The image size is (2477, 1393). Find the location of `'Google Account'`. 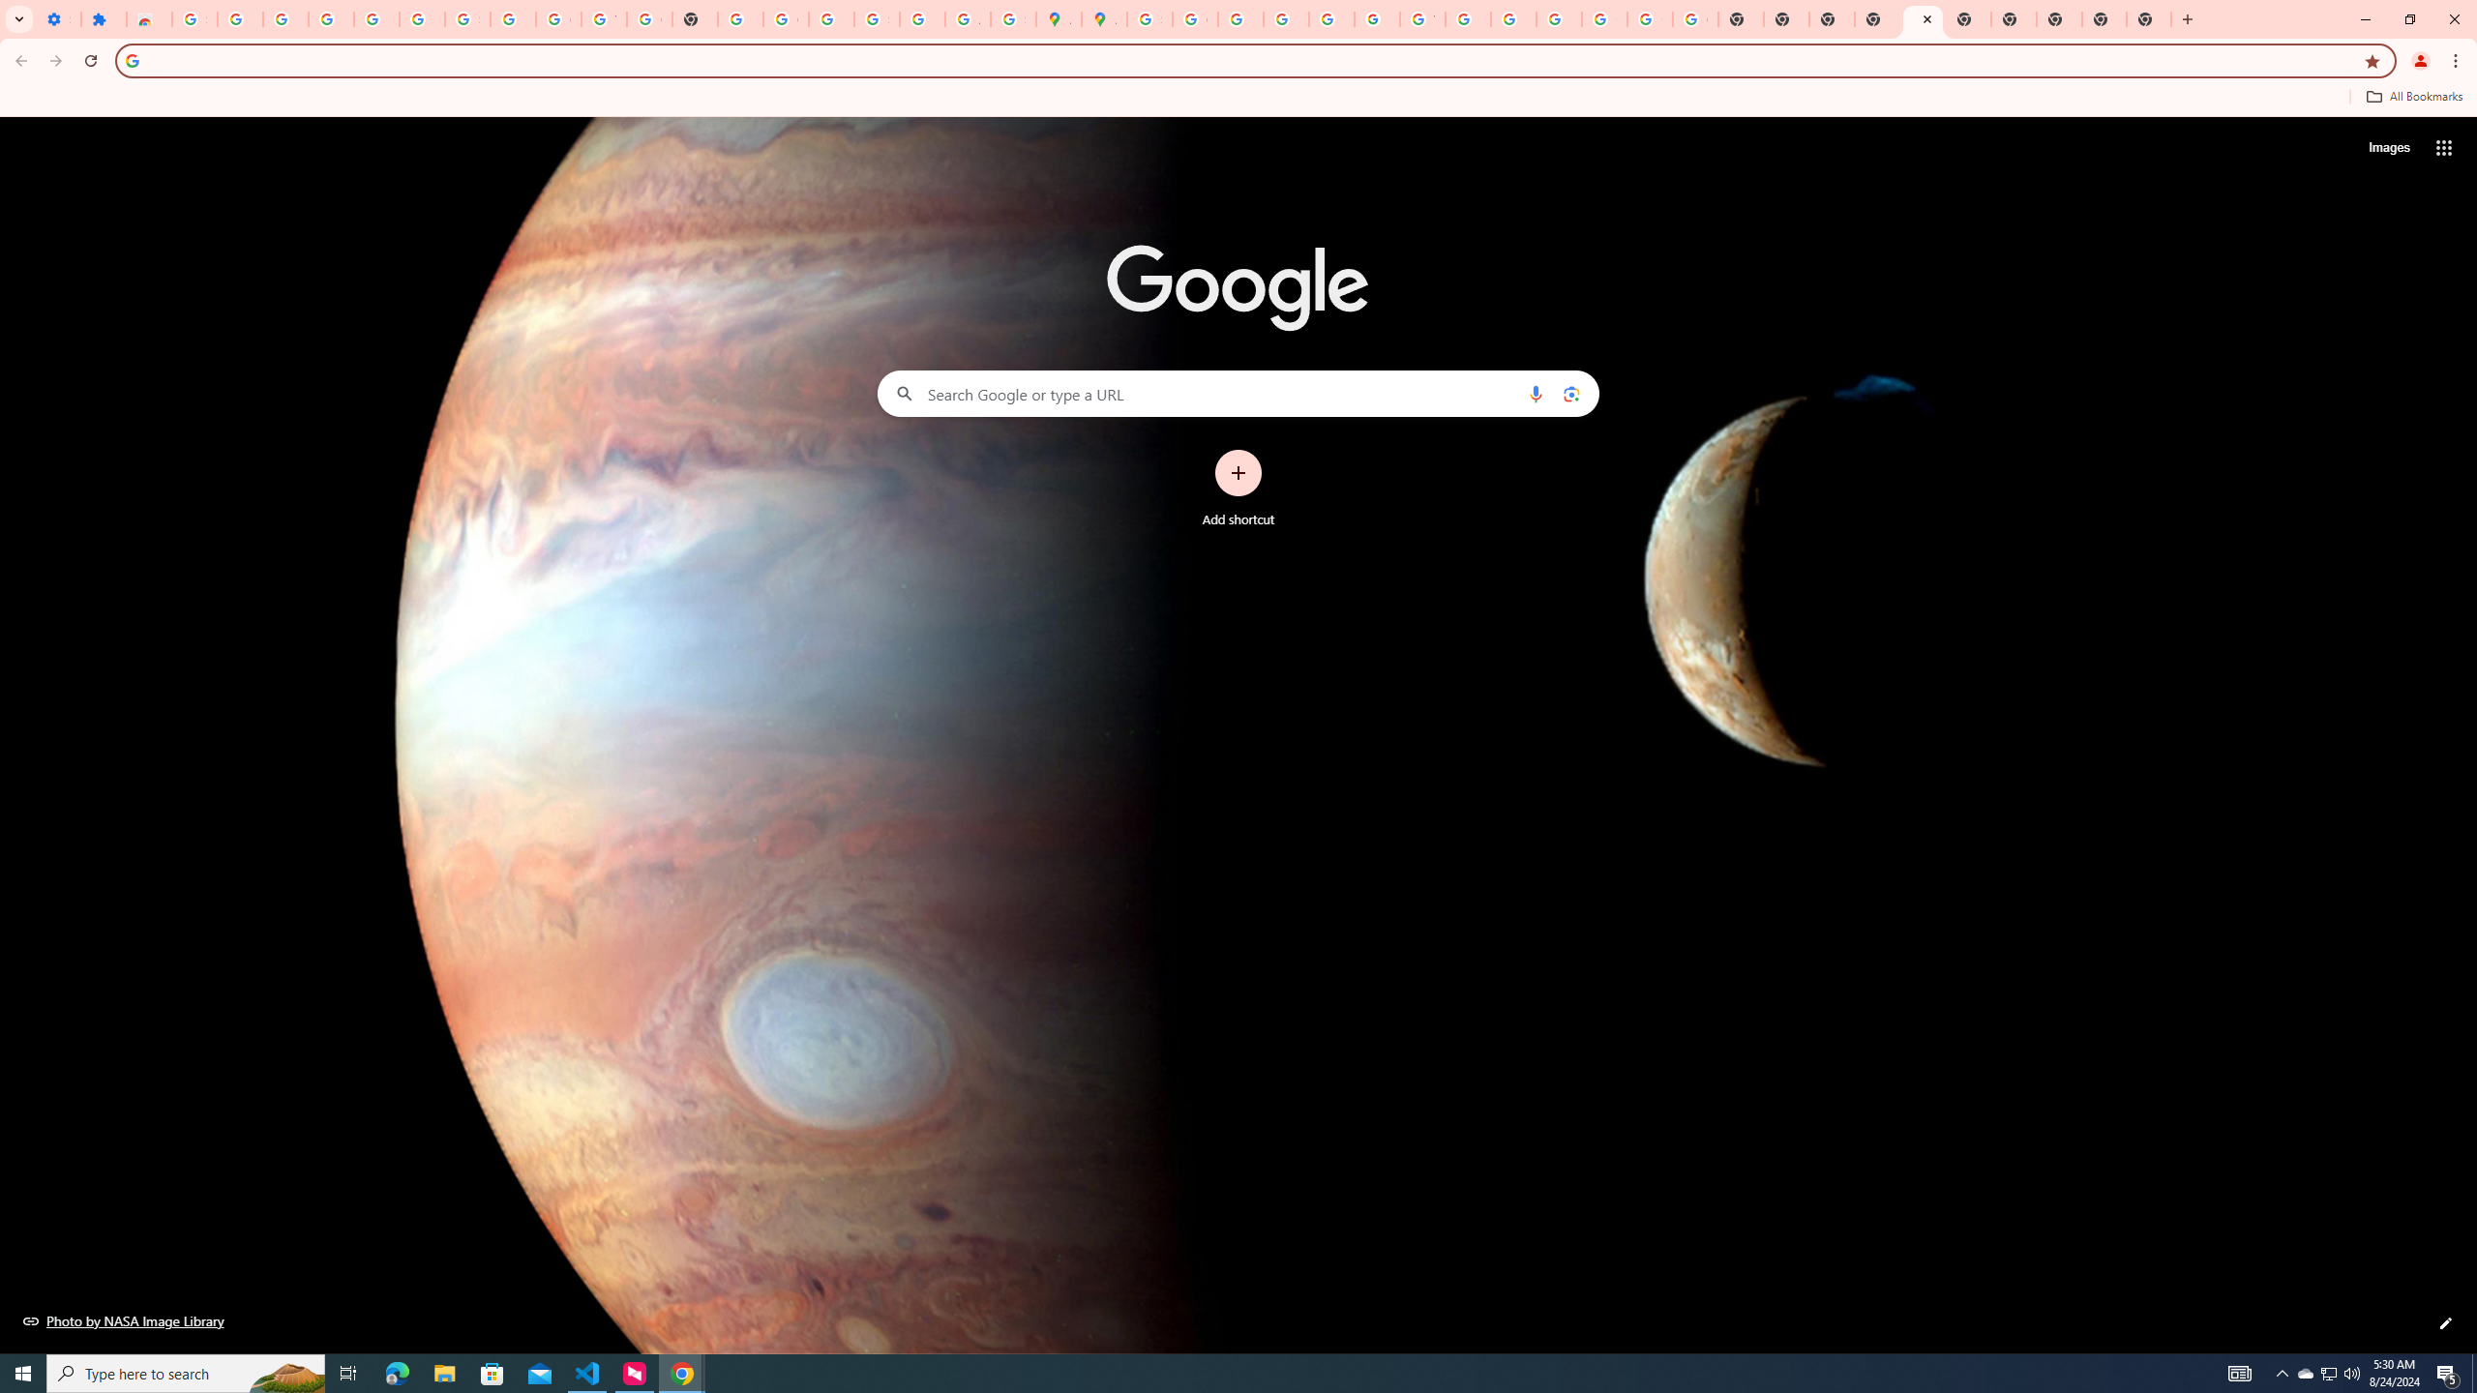

'Google Account' is located at coordinates (557, 18).